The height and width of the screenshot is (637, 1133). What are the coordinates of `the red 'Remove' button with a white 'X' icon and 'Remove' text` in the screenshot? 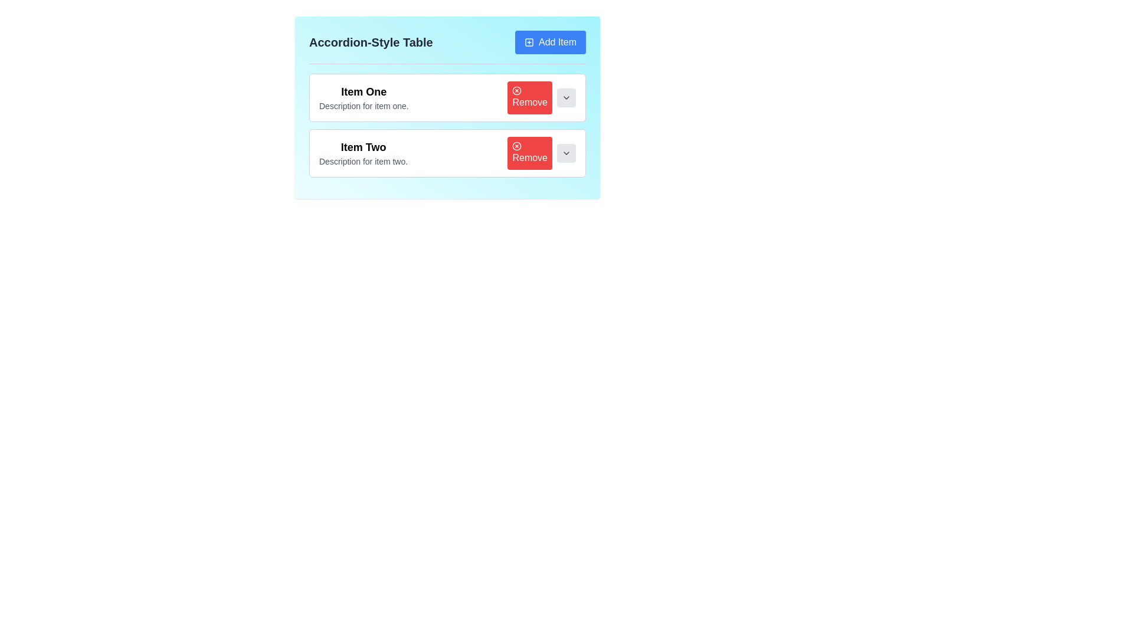 It's located at (529, 152).